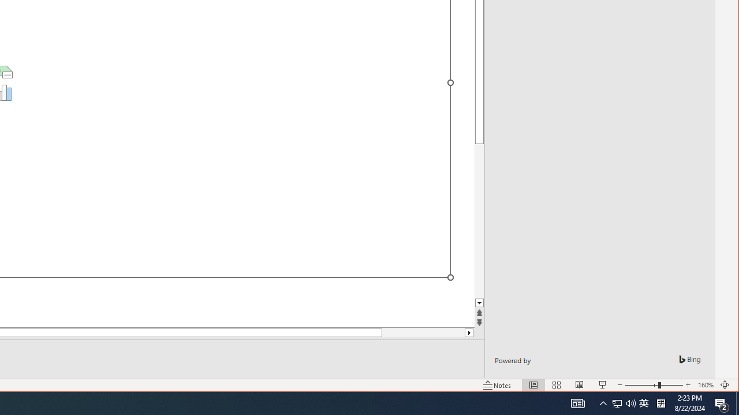  What do you see at coordinates (705, 385) in the screenshot?
I see `'Zoom 160%'` at bounding box center [705, 385].